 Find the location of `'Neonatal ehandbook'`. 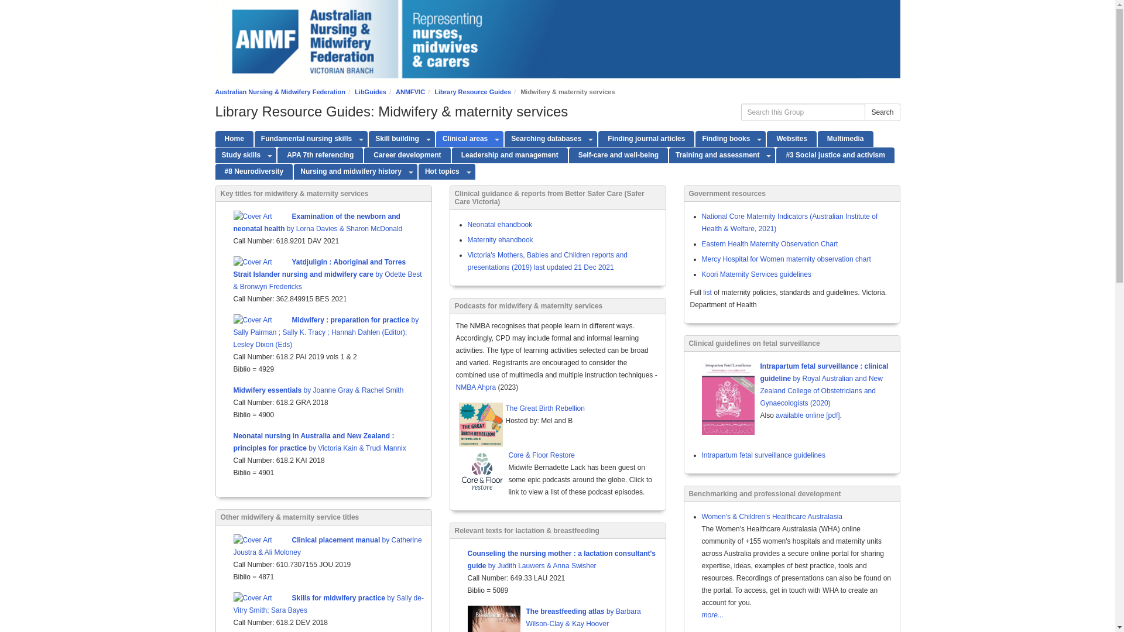

'Neonatal ehandbook' is located at coordinates (499, 225).